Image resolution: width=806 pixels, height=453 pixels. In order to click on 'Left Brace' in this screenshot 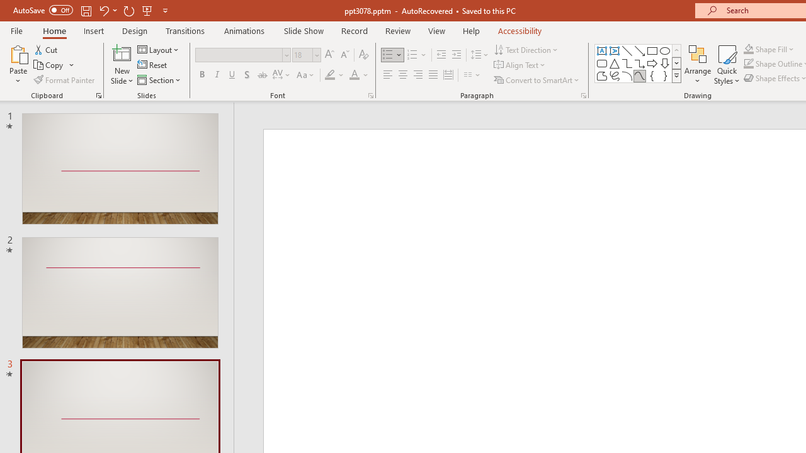, I will do `click(652, 75)`.